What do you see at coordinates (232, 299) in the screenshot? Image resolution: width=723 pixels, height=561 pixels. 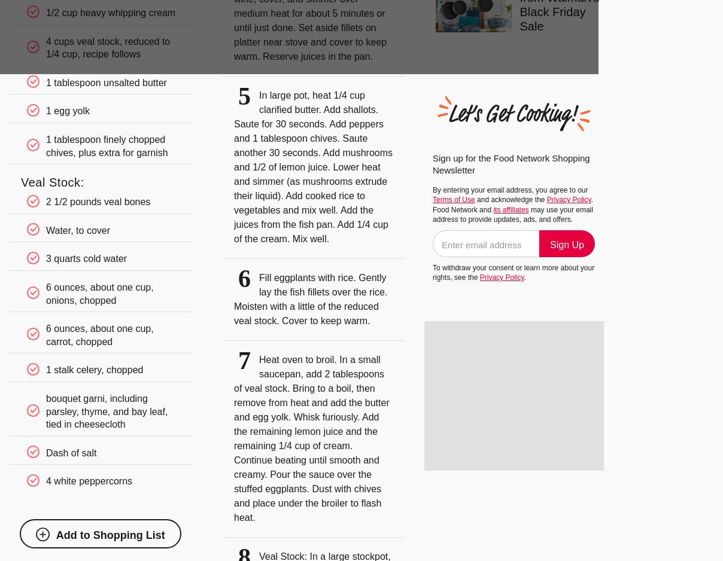 I see `'Fill eggplants with rice. Gently lay the fish fillets over the rice. Moisten with a little of the reduced veal stock. Cover to keep warm.'` at bounding box center [232, 299].